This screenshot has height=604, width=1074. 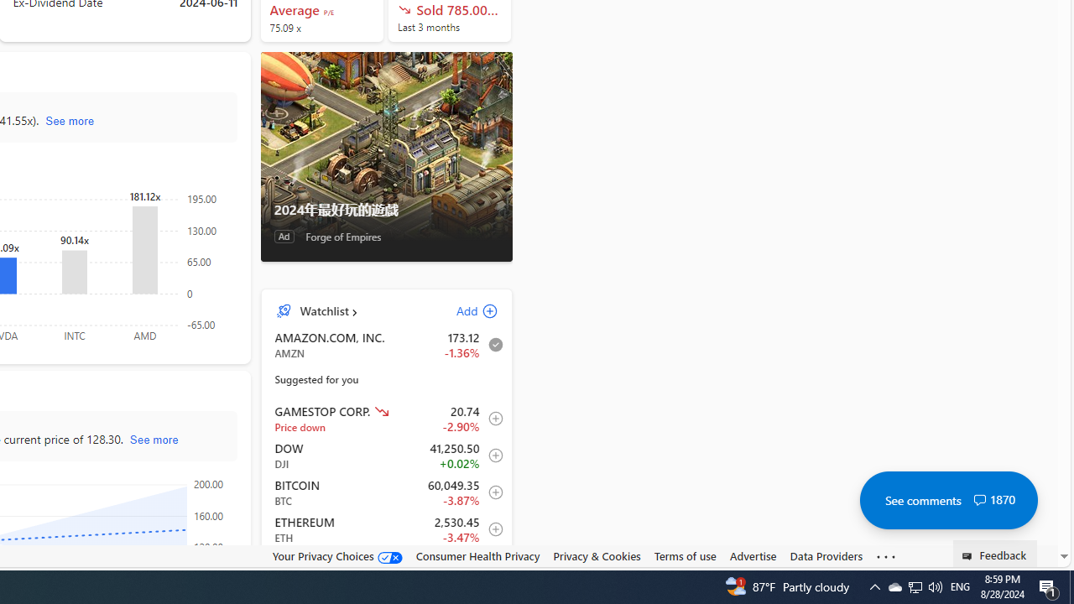 I want to click on 'DJI DOW increase 41,250.50 +9.98 +0.02% item1', so click(x=386, y=456).